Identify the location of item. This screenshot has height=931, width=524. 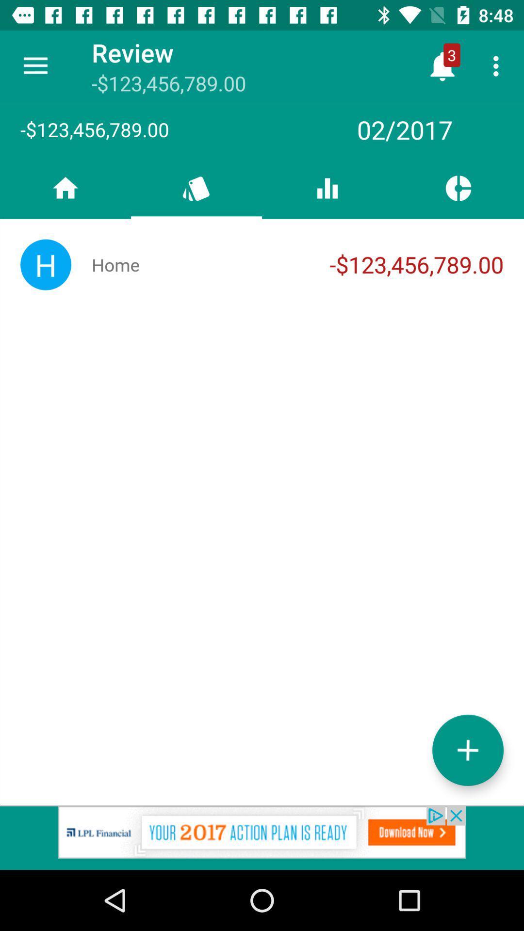
(467, 750).